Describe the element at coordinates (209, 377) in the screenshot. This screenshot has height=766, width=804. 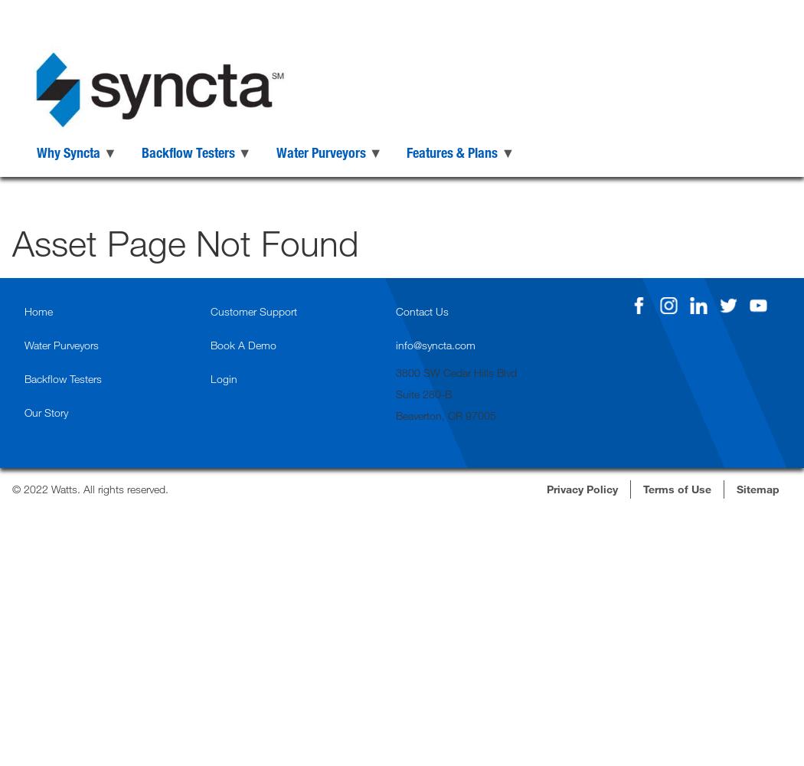
I see `'Login'` at that location.